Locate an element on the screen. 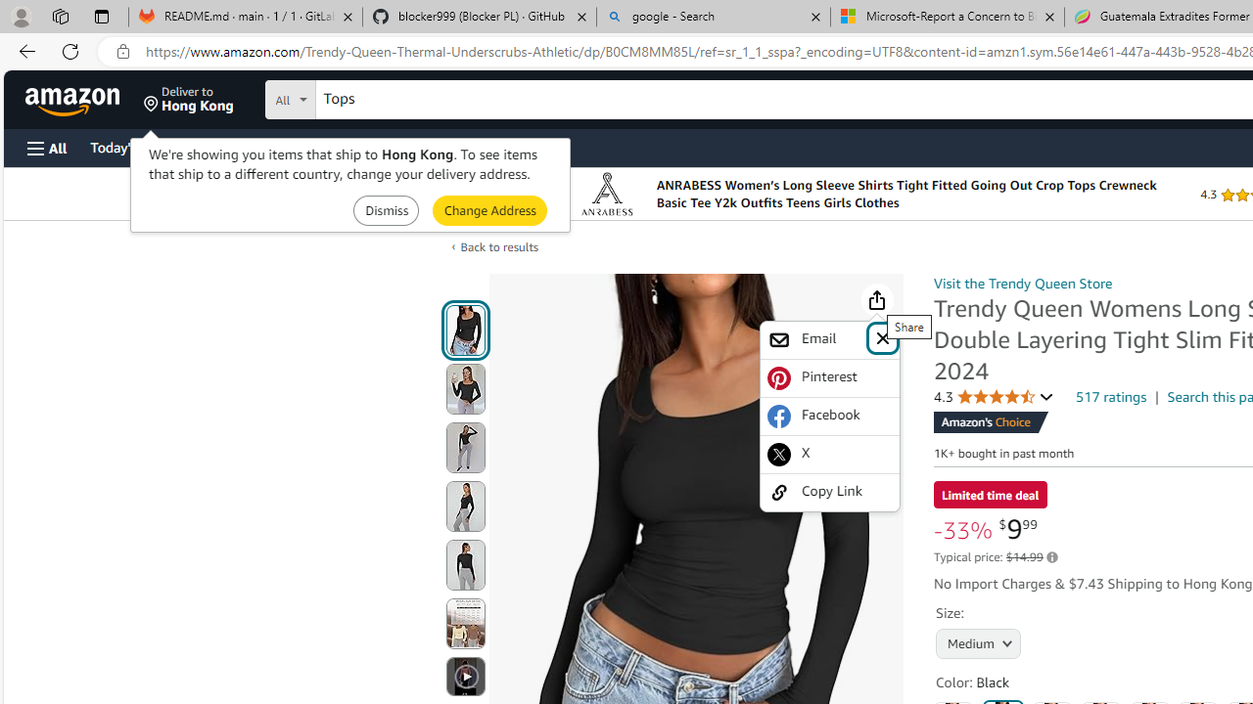  'X' is located at coordinates (830, 455).